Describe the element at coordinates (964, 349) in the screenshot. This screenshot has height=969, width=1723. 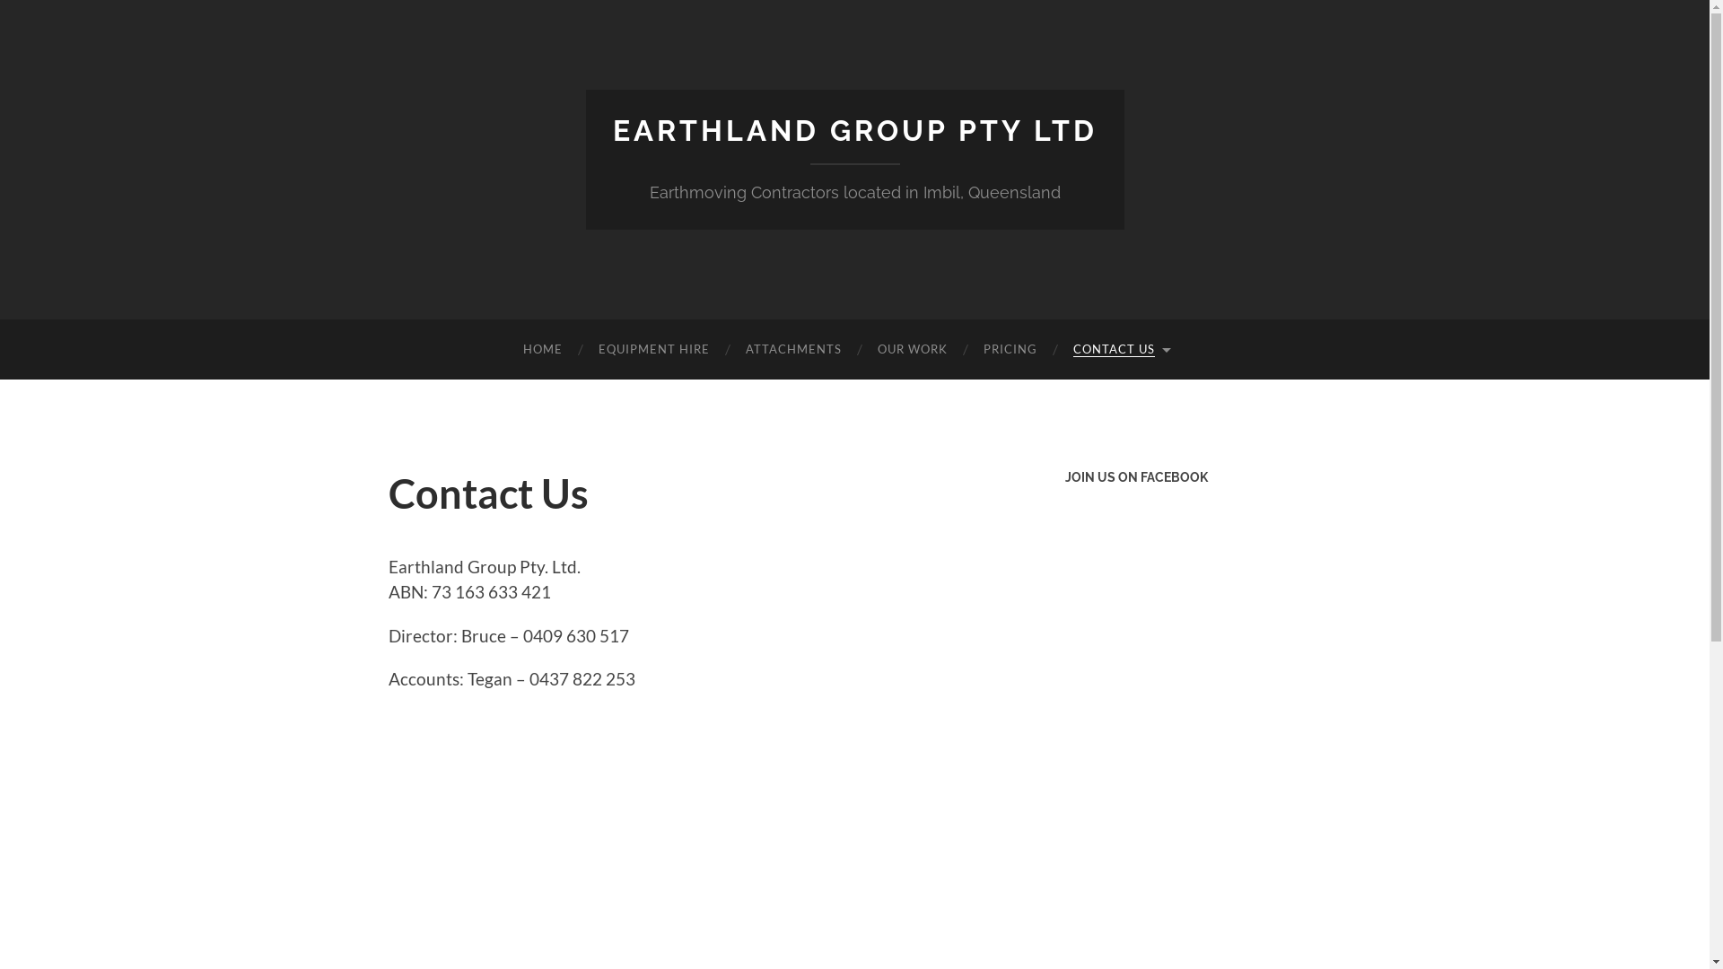
I see `'PRICING'` at that location.